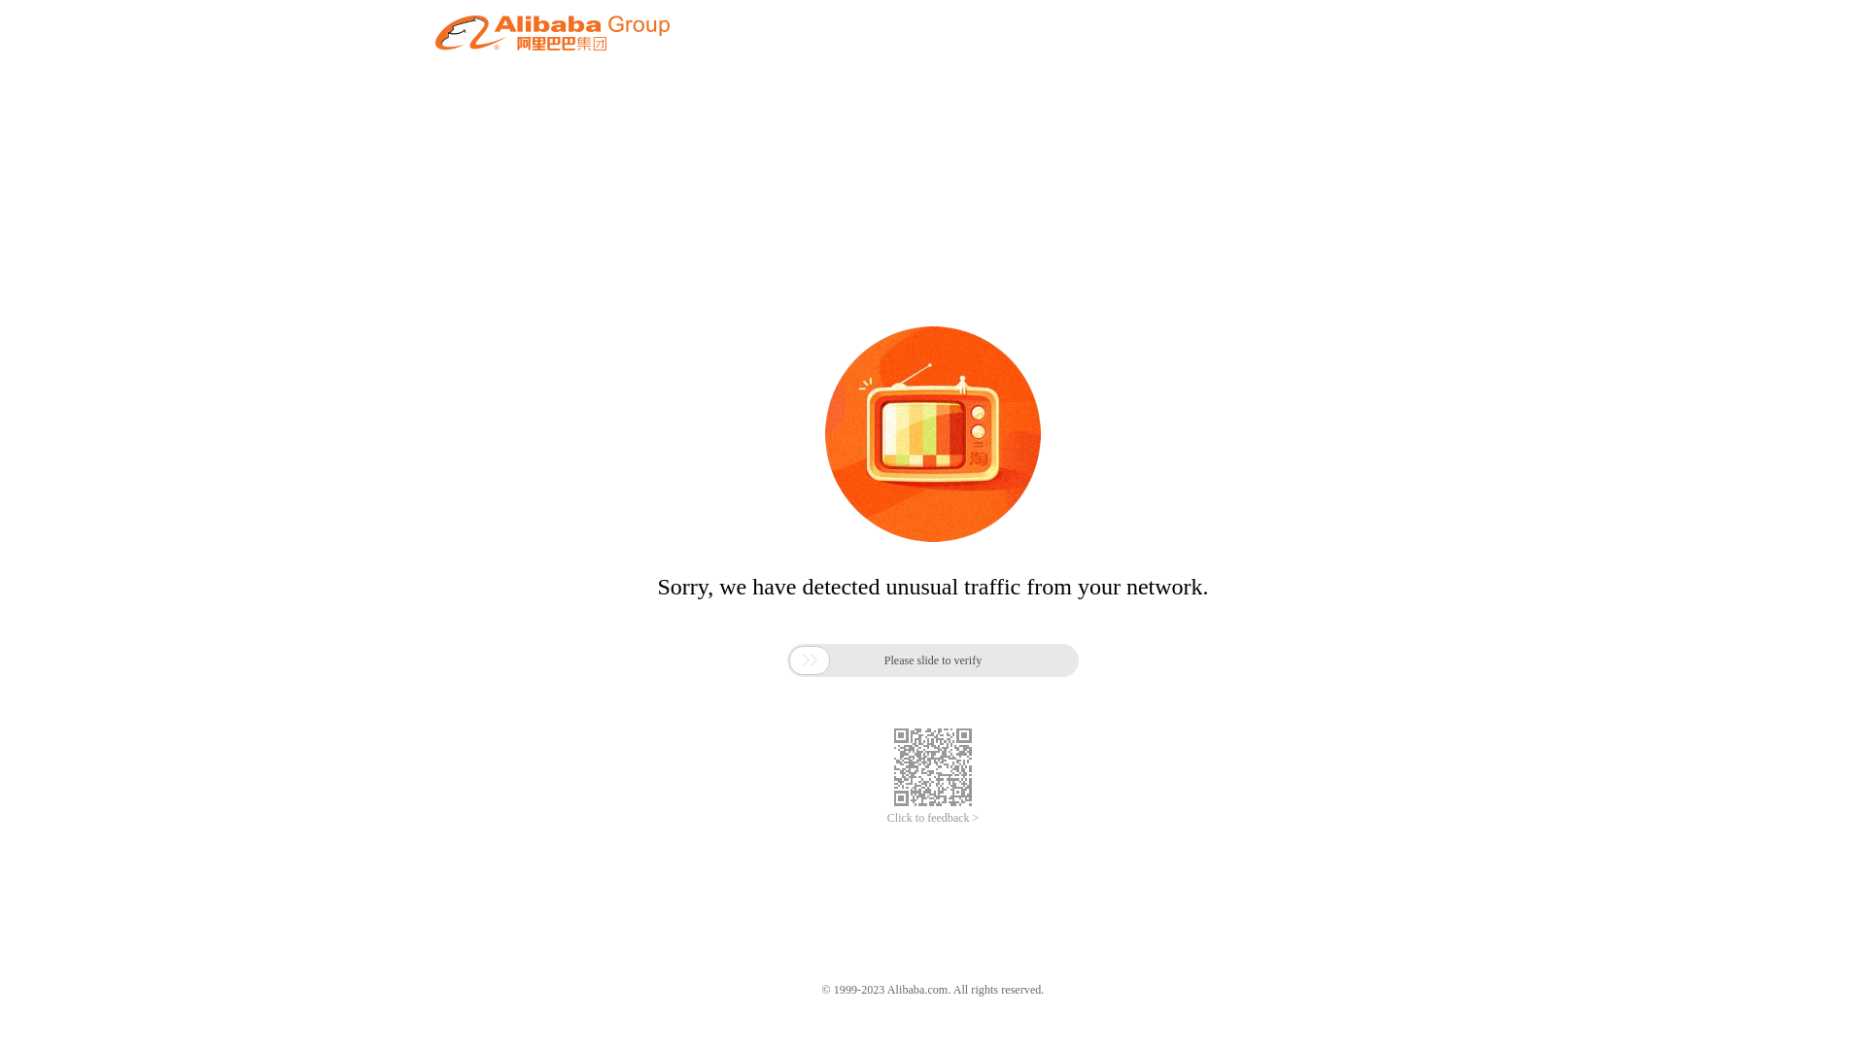  I want to click on 'Click to feedback >', so click(933, 818).